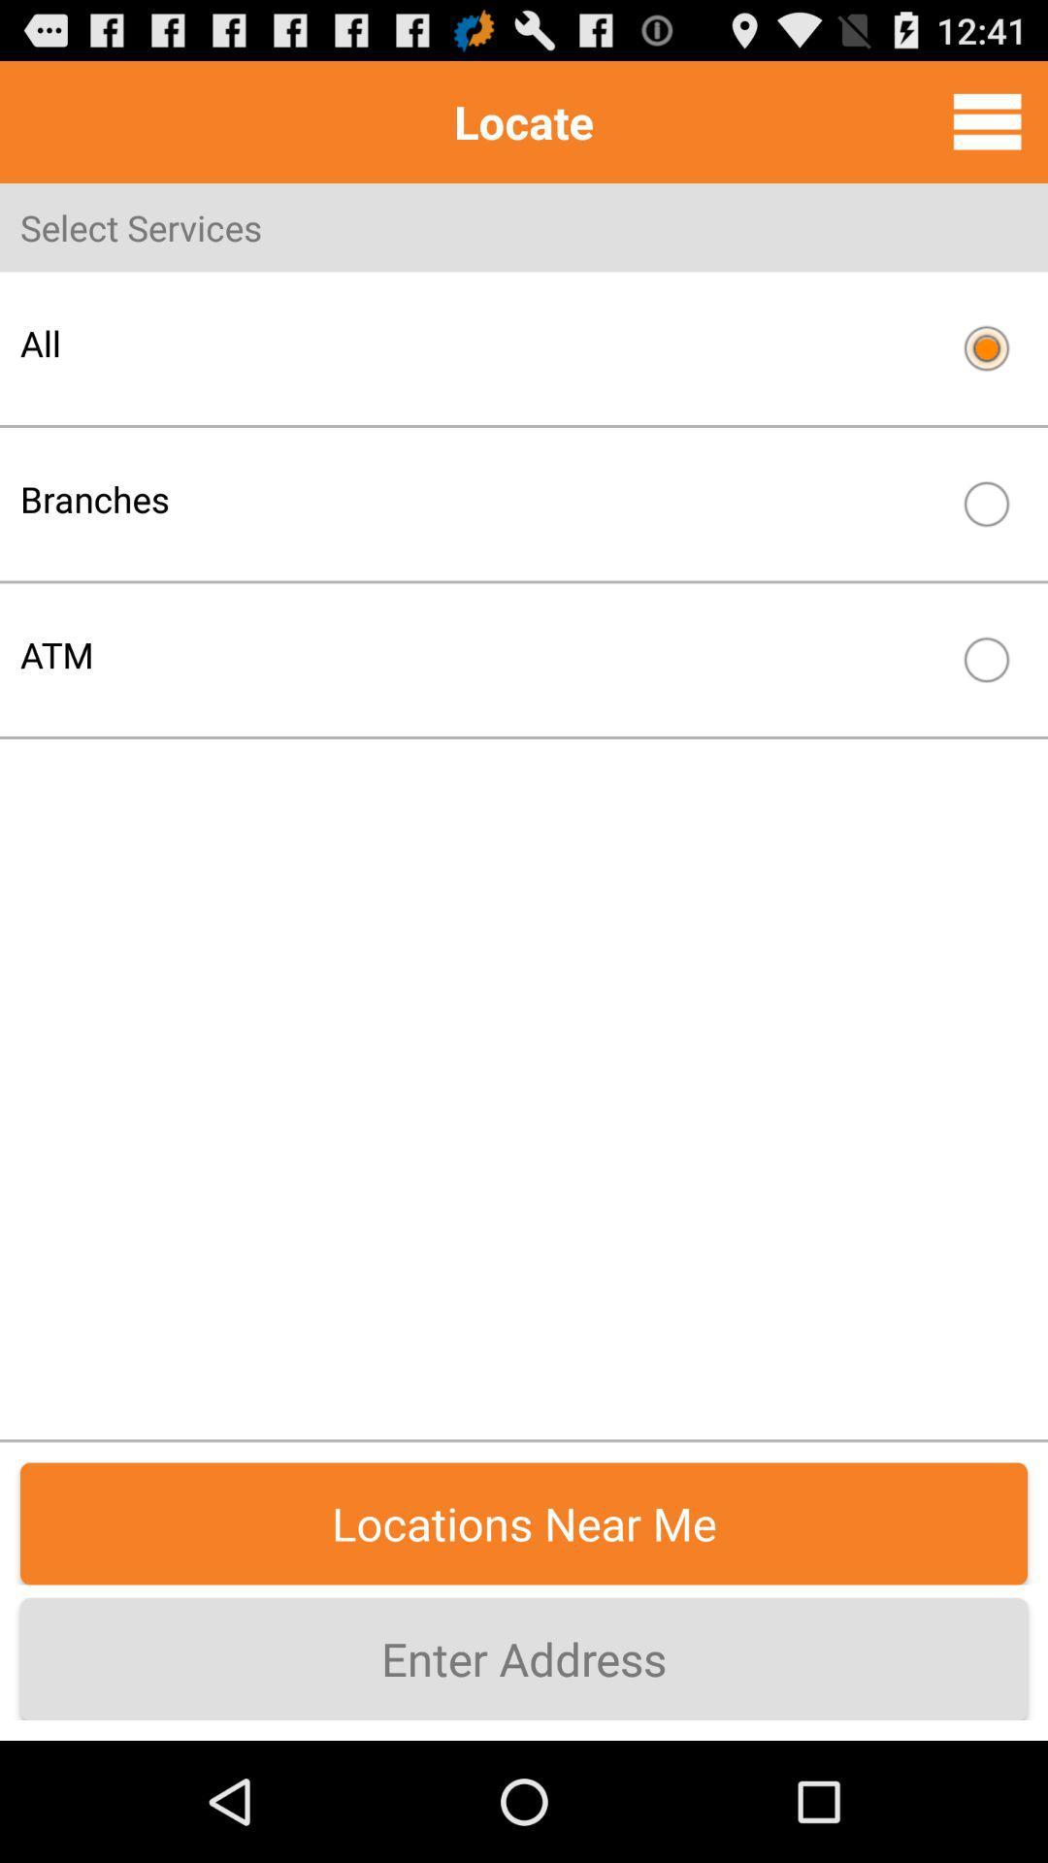  I want to click on icon below the locations near me item, so click(524, 1657).